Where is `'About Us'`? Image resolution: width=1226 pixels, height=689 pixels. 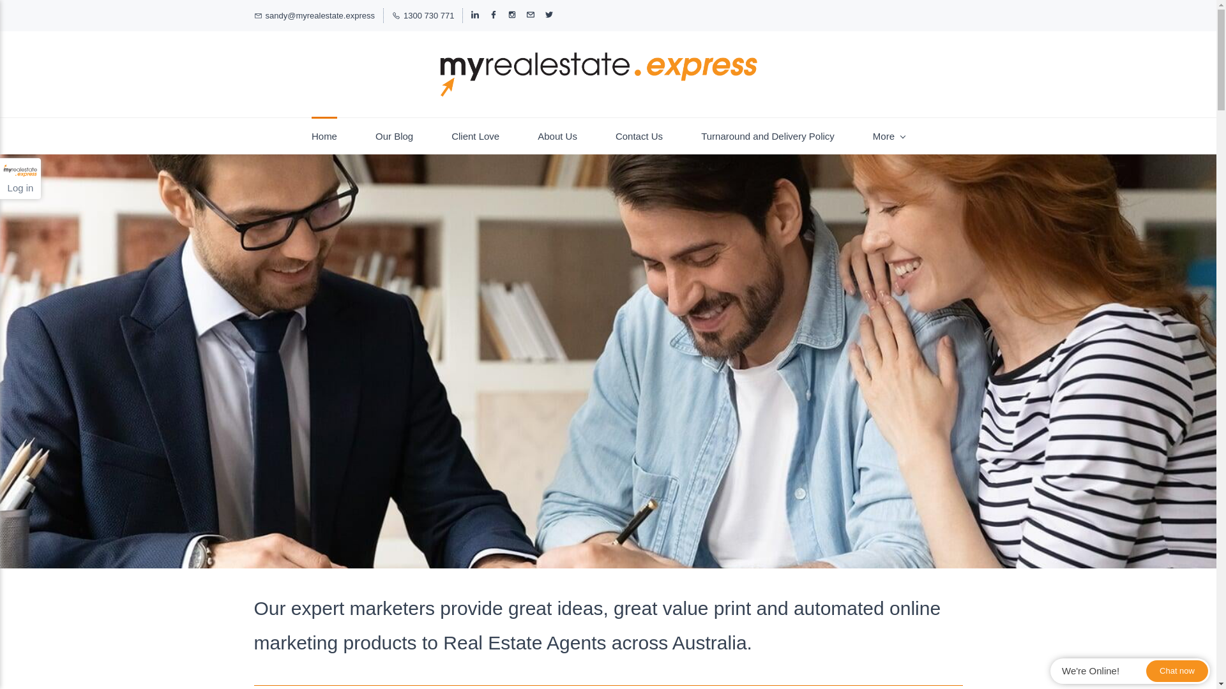
'About Us' is located at coordinates (557, 136).